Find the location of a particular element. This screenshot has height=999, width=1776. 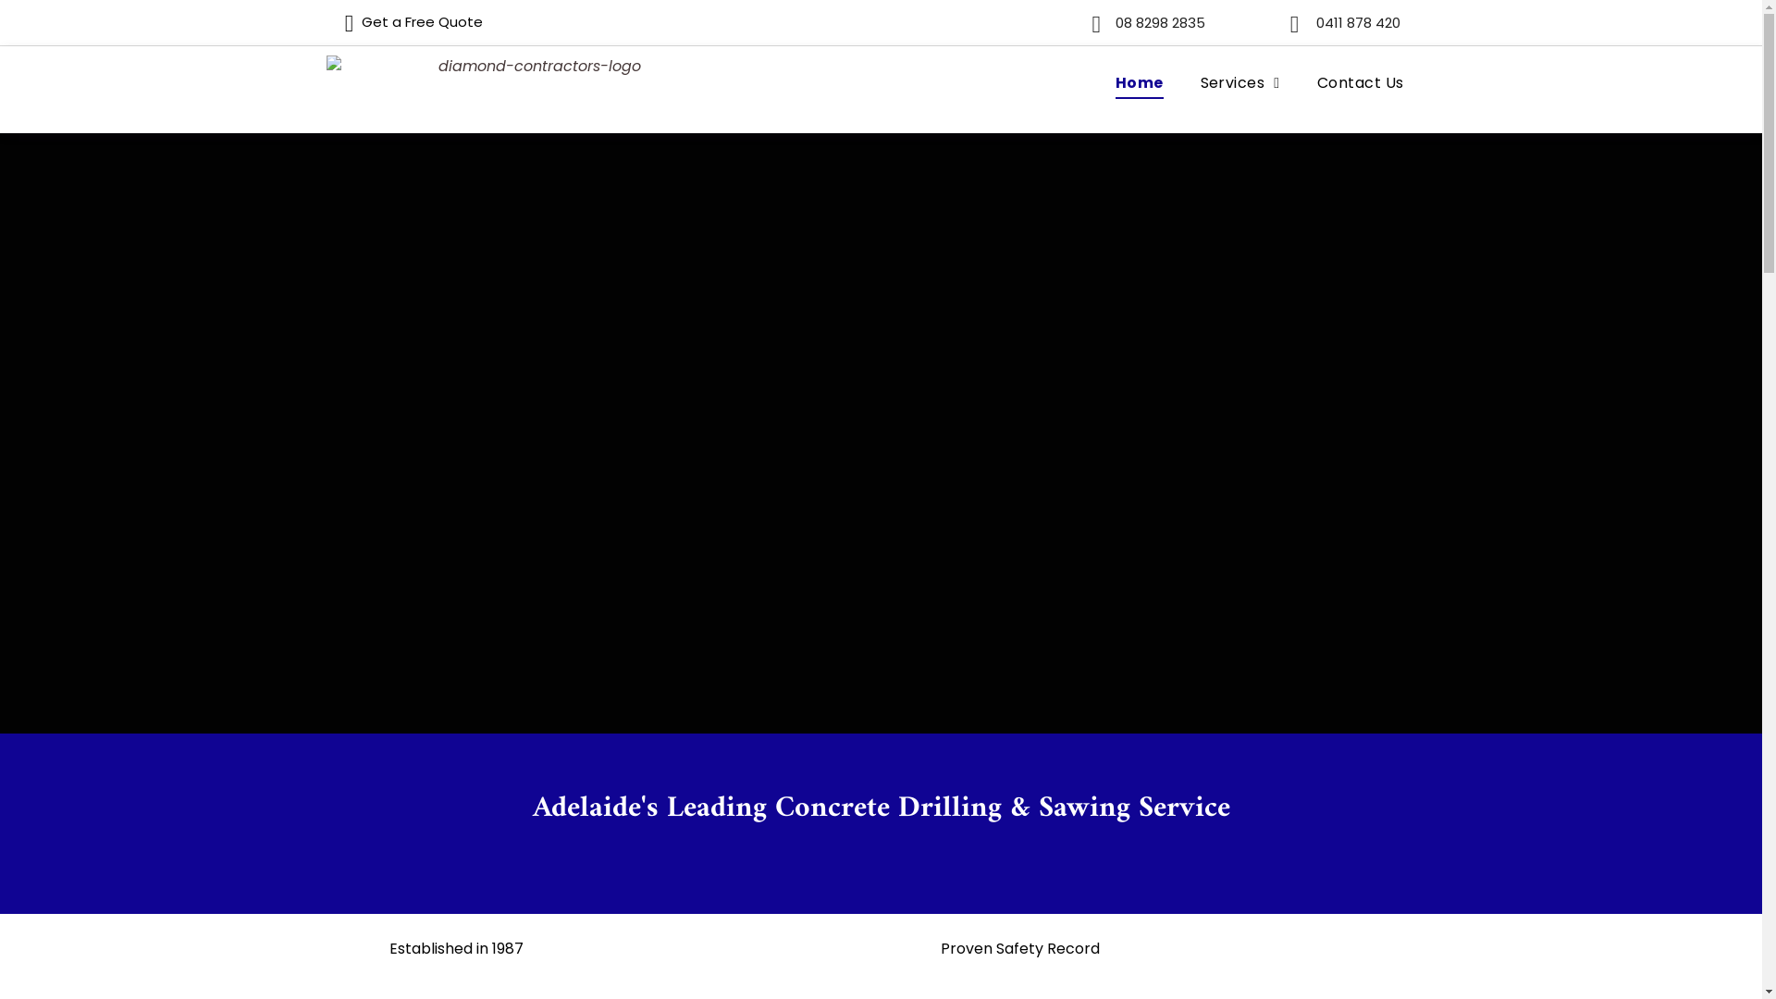

'08 8298 2835' is located at coordinates (1153, 22).